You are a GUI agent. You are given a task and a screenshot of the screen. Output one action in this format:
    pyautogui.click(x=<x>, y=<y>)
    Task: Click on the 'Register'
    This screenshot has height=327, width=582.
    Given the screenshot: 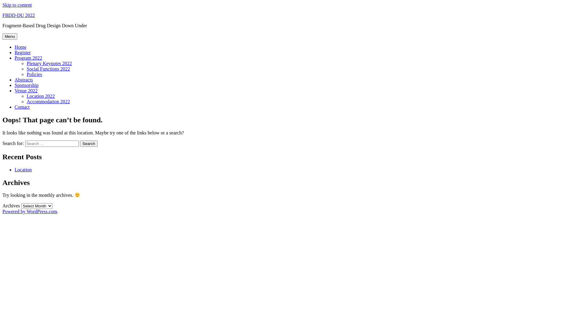 What is the action you would take?
    pyautogui.click(x=15, y=52)
    